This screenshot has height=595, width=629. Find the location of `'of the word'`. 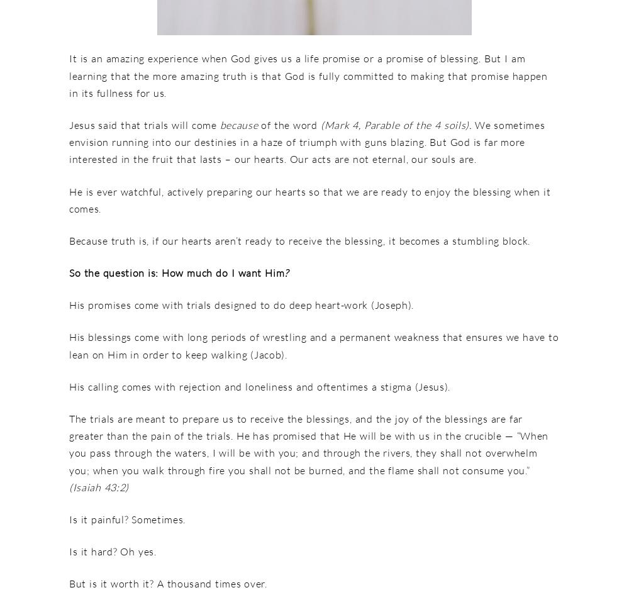

'of the word' is located at coordinates (288, 124).